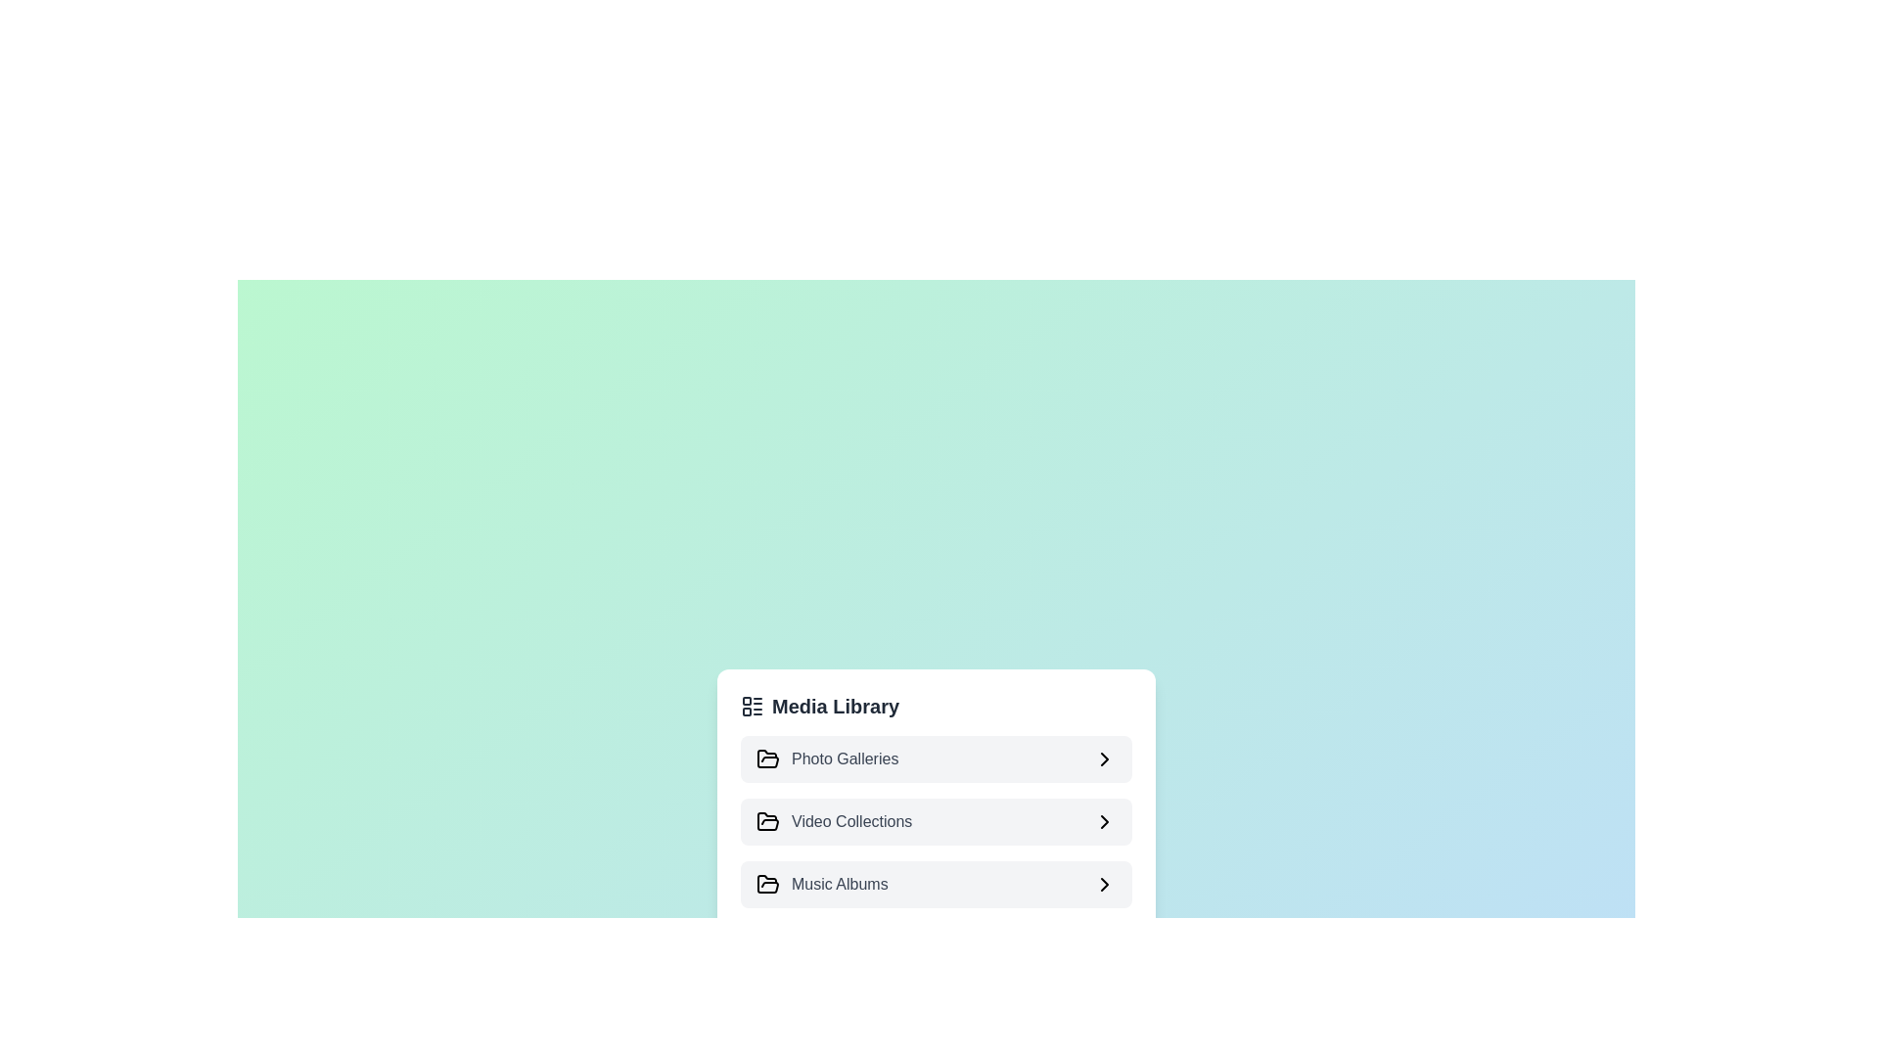 The image size is (1879, 1057). What do you see at coordinates (935, 884) in the screenshot?
I see `the item Music Albums to observe its hover effect` at bounding box center [935, 884].